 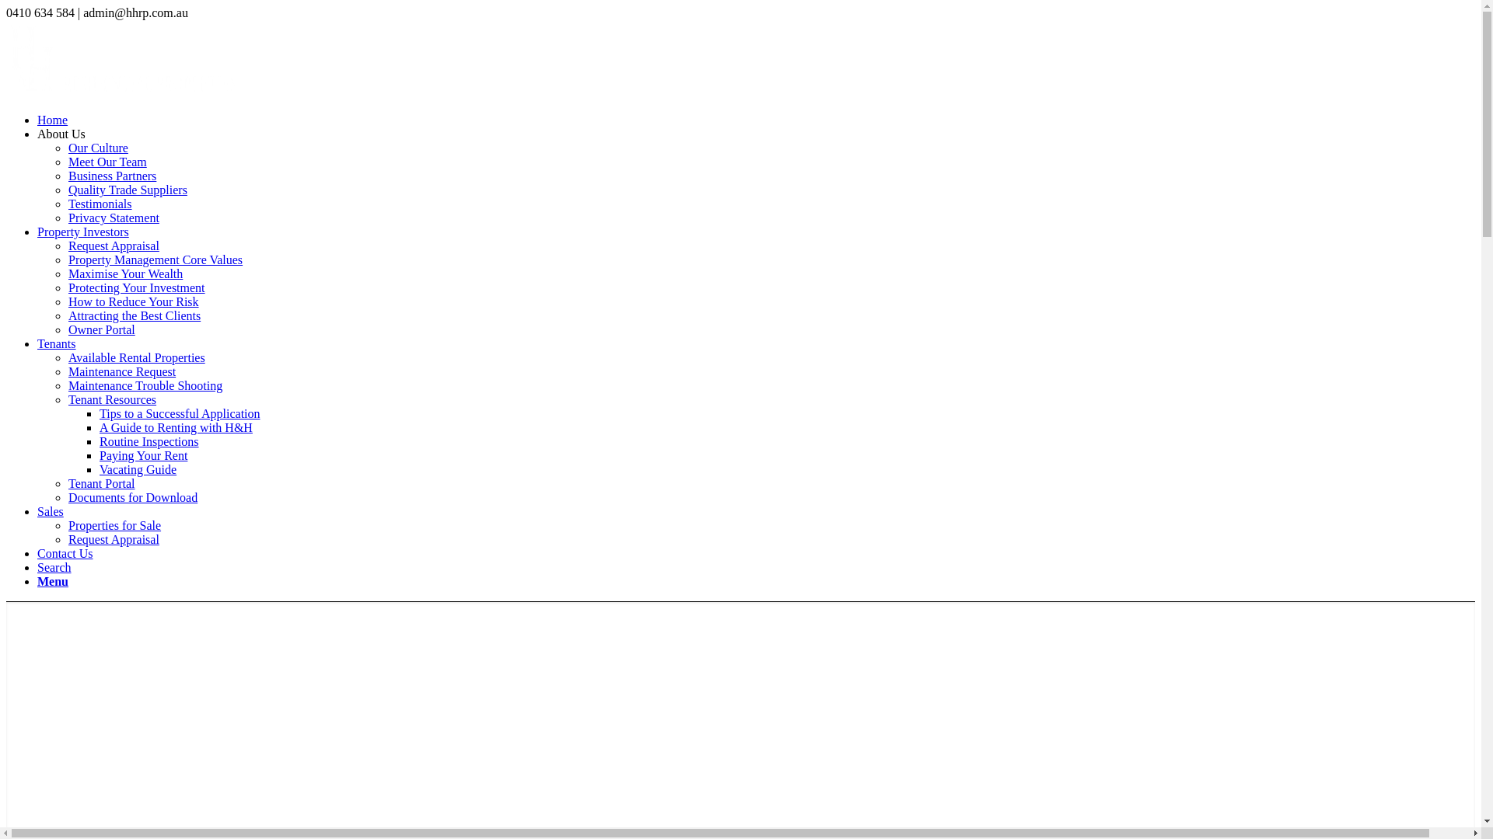 I want to click on 'Available Rental Properties', so click(x=137, y=357).